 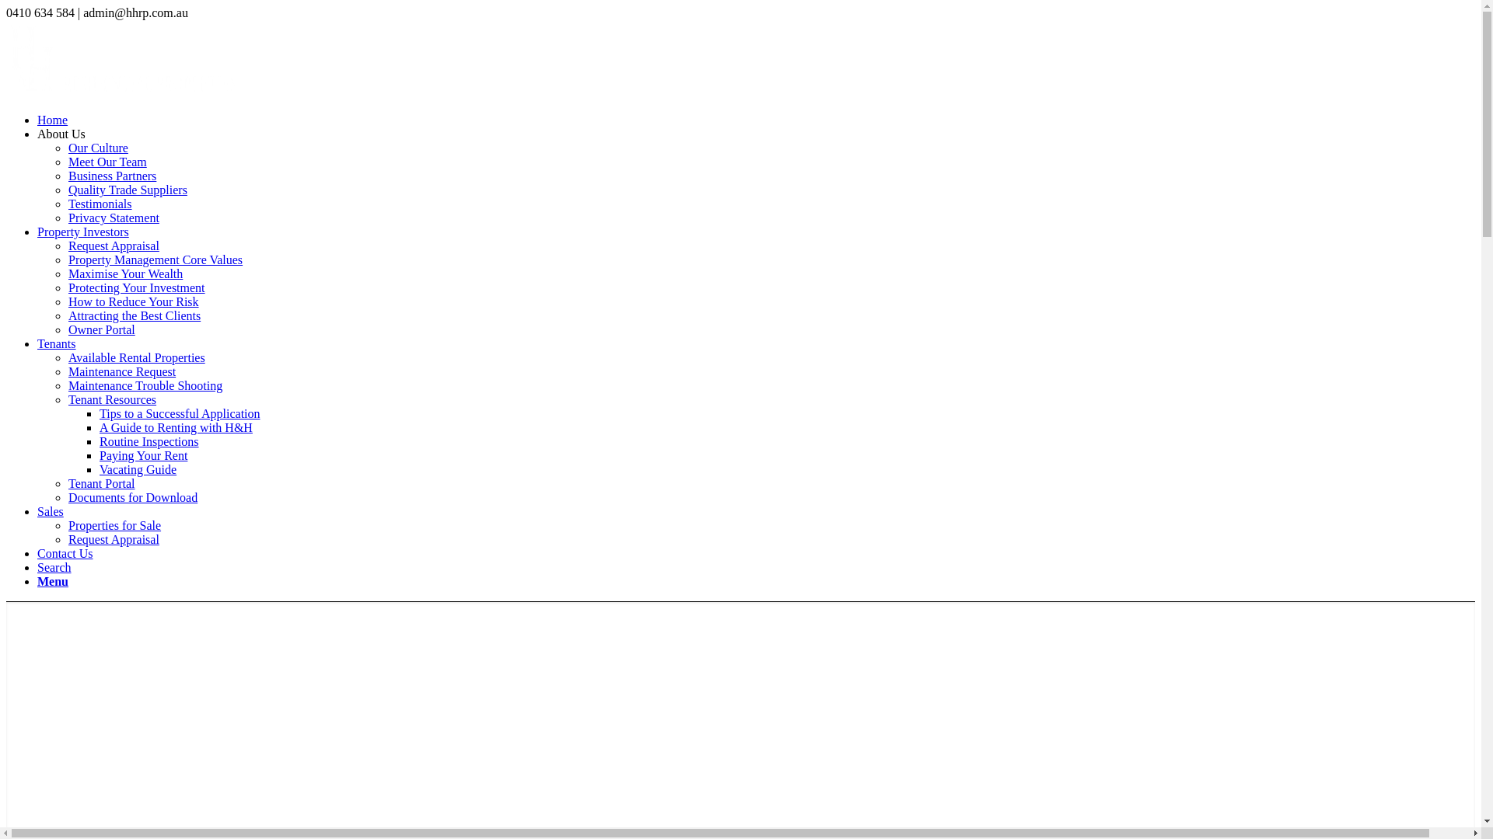 I want to click on 'Available Rental Properties', so click(x=137, y=357).